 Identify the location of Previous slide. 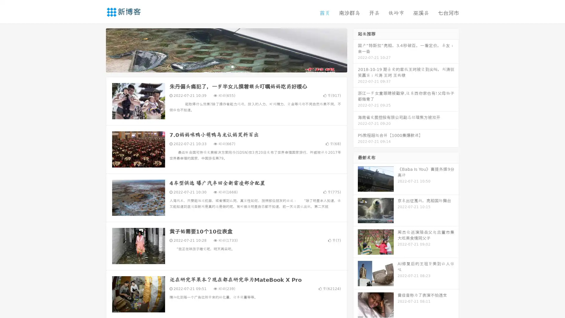
(97, 49).